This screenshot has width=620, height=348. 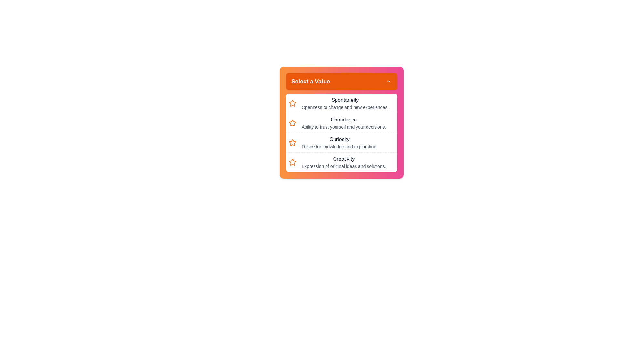 I want to click on the star-shaped icon with an orange border located next to the 'Creativity' list item to interact with its associated functionality, so click(x=292, y=162).